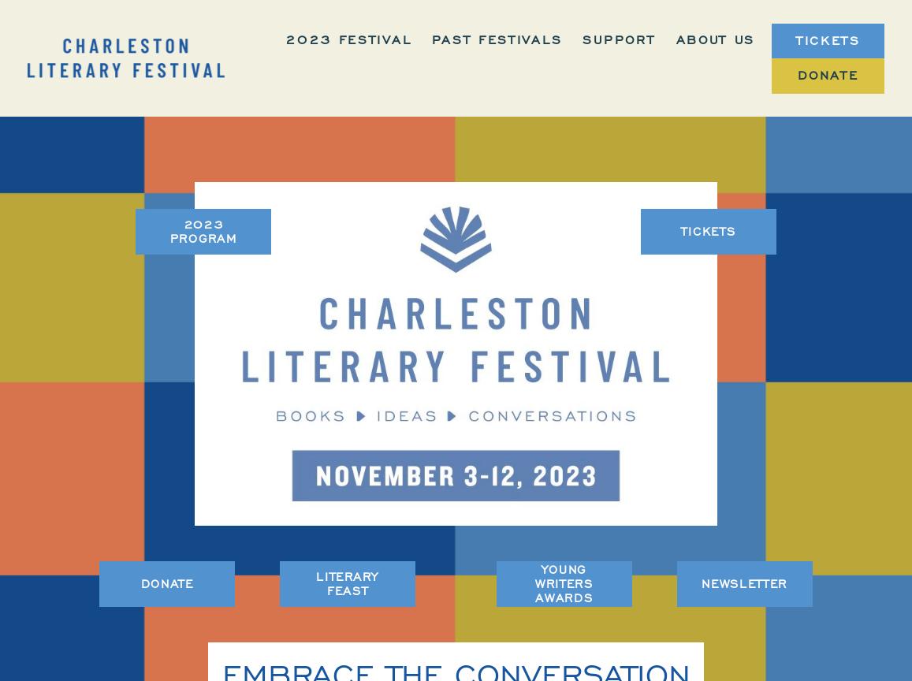 The image size is (912, 681). I want to click on 'Press', so click(727, 277).